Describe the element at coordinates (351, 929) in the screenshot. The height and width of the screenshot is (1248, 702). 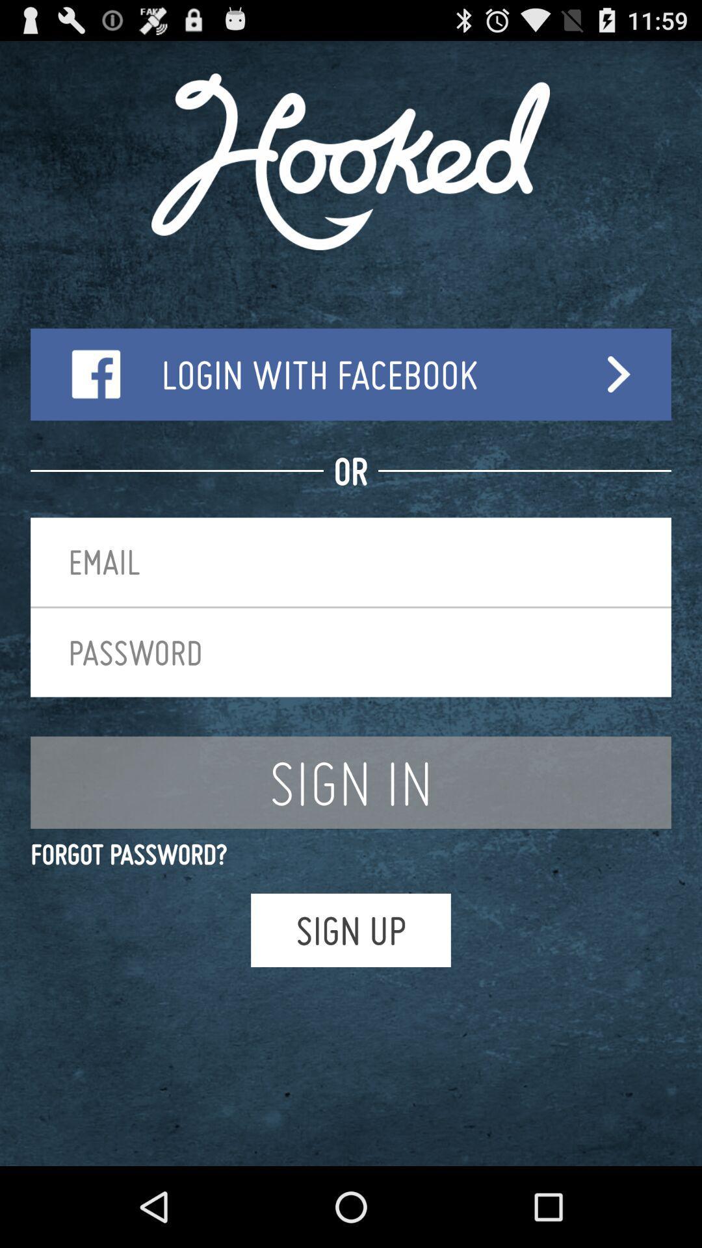
I see `sign up icon` at that location.